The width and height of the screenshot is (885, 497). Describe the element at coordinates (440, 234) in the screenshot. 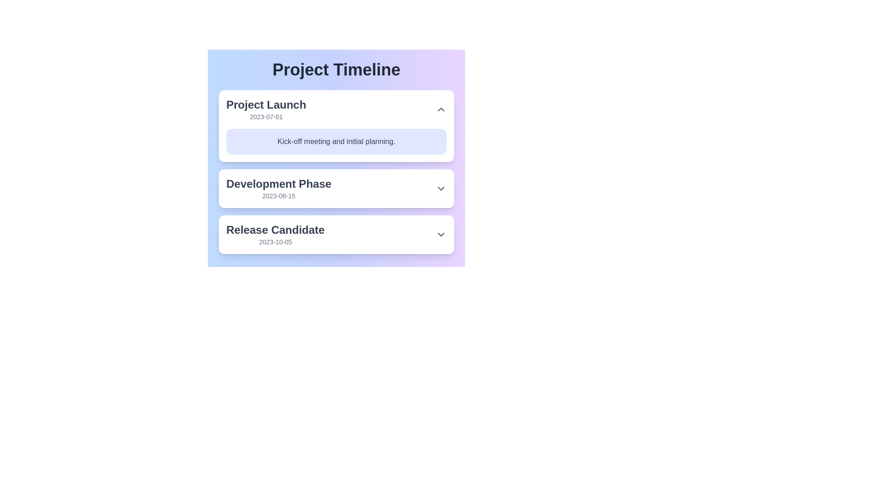

I see `the Chevron Icon located to the far right of the 'Release Candidate' text in the card labeled 'Release Candidate', positioned in the bottom section of the interface` at that location.